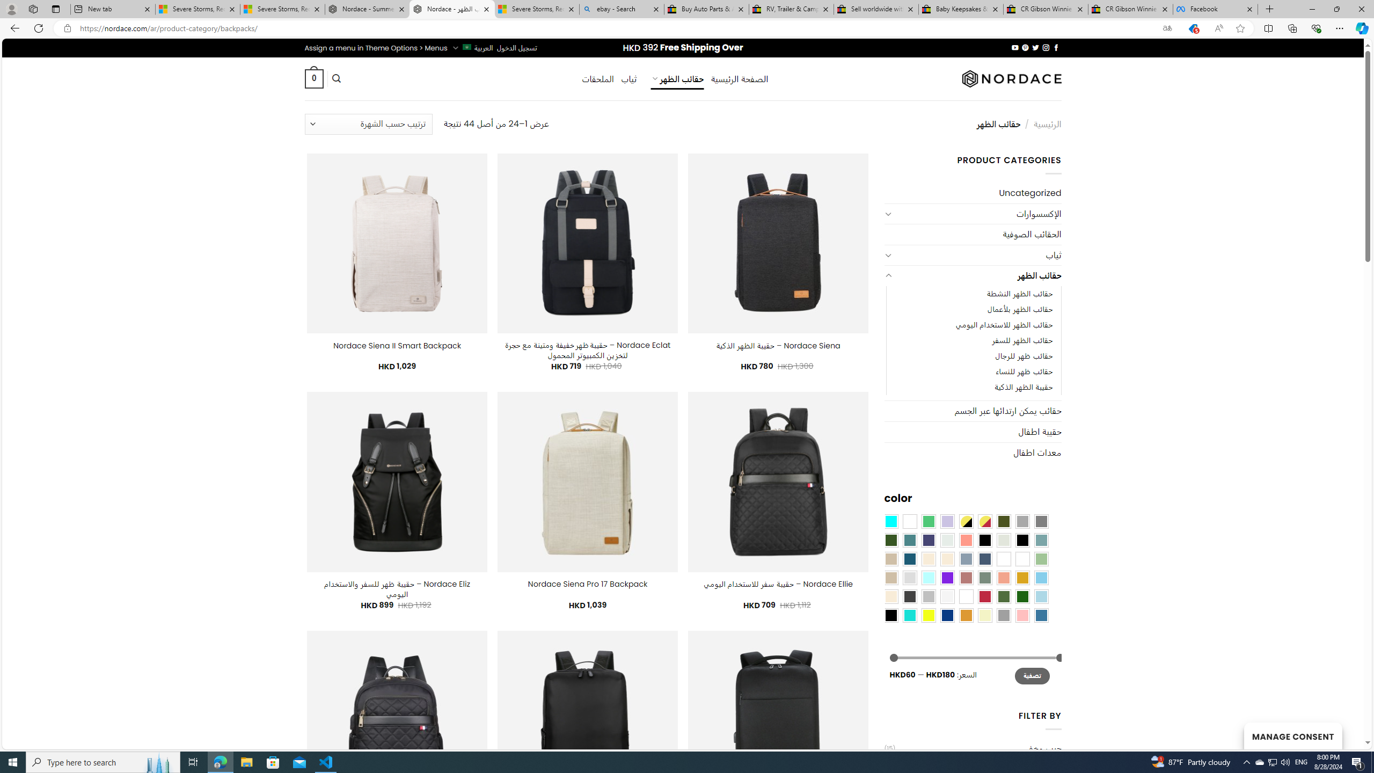 The width and height of the screenshot is (1374, 773). I want to click on 'Capri Blue', so click(909, 559).